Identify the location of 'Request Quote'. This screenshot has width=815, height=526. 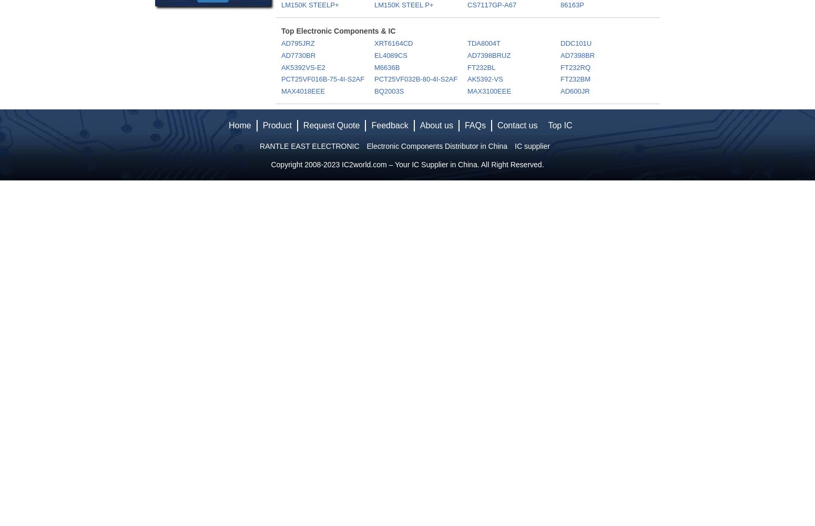
(302, 125).